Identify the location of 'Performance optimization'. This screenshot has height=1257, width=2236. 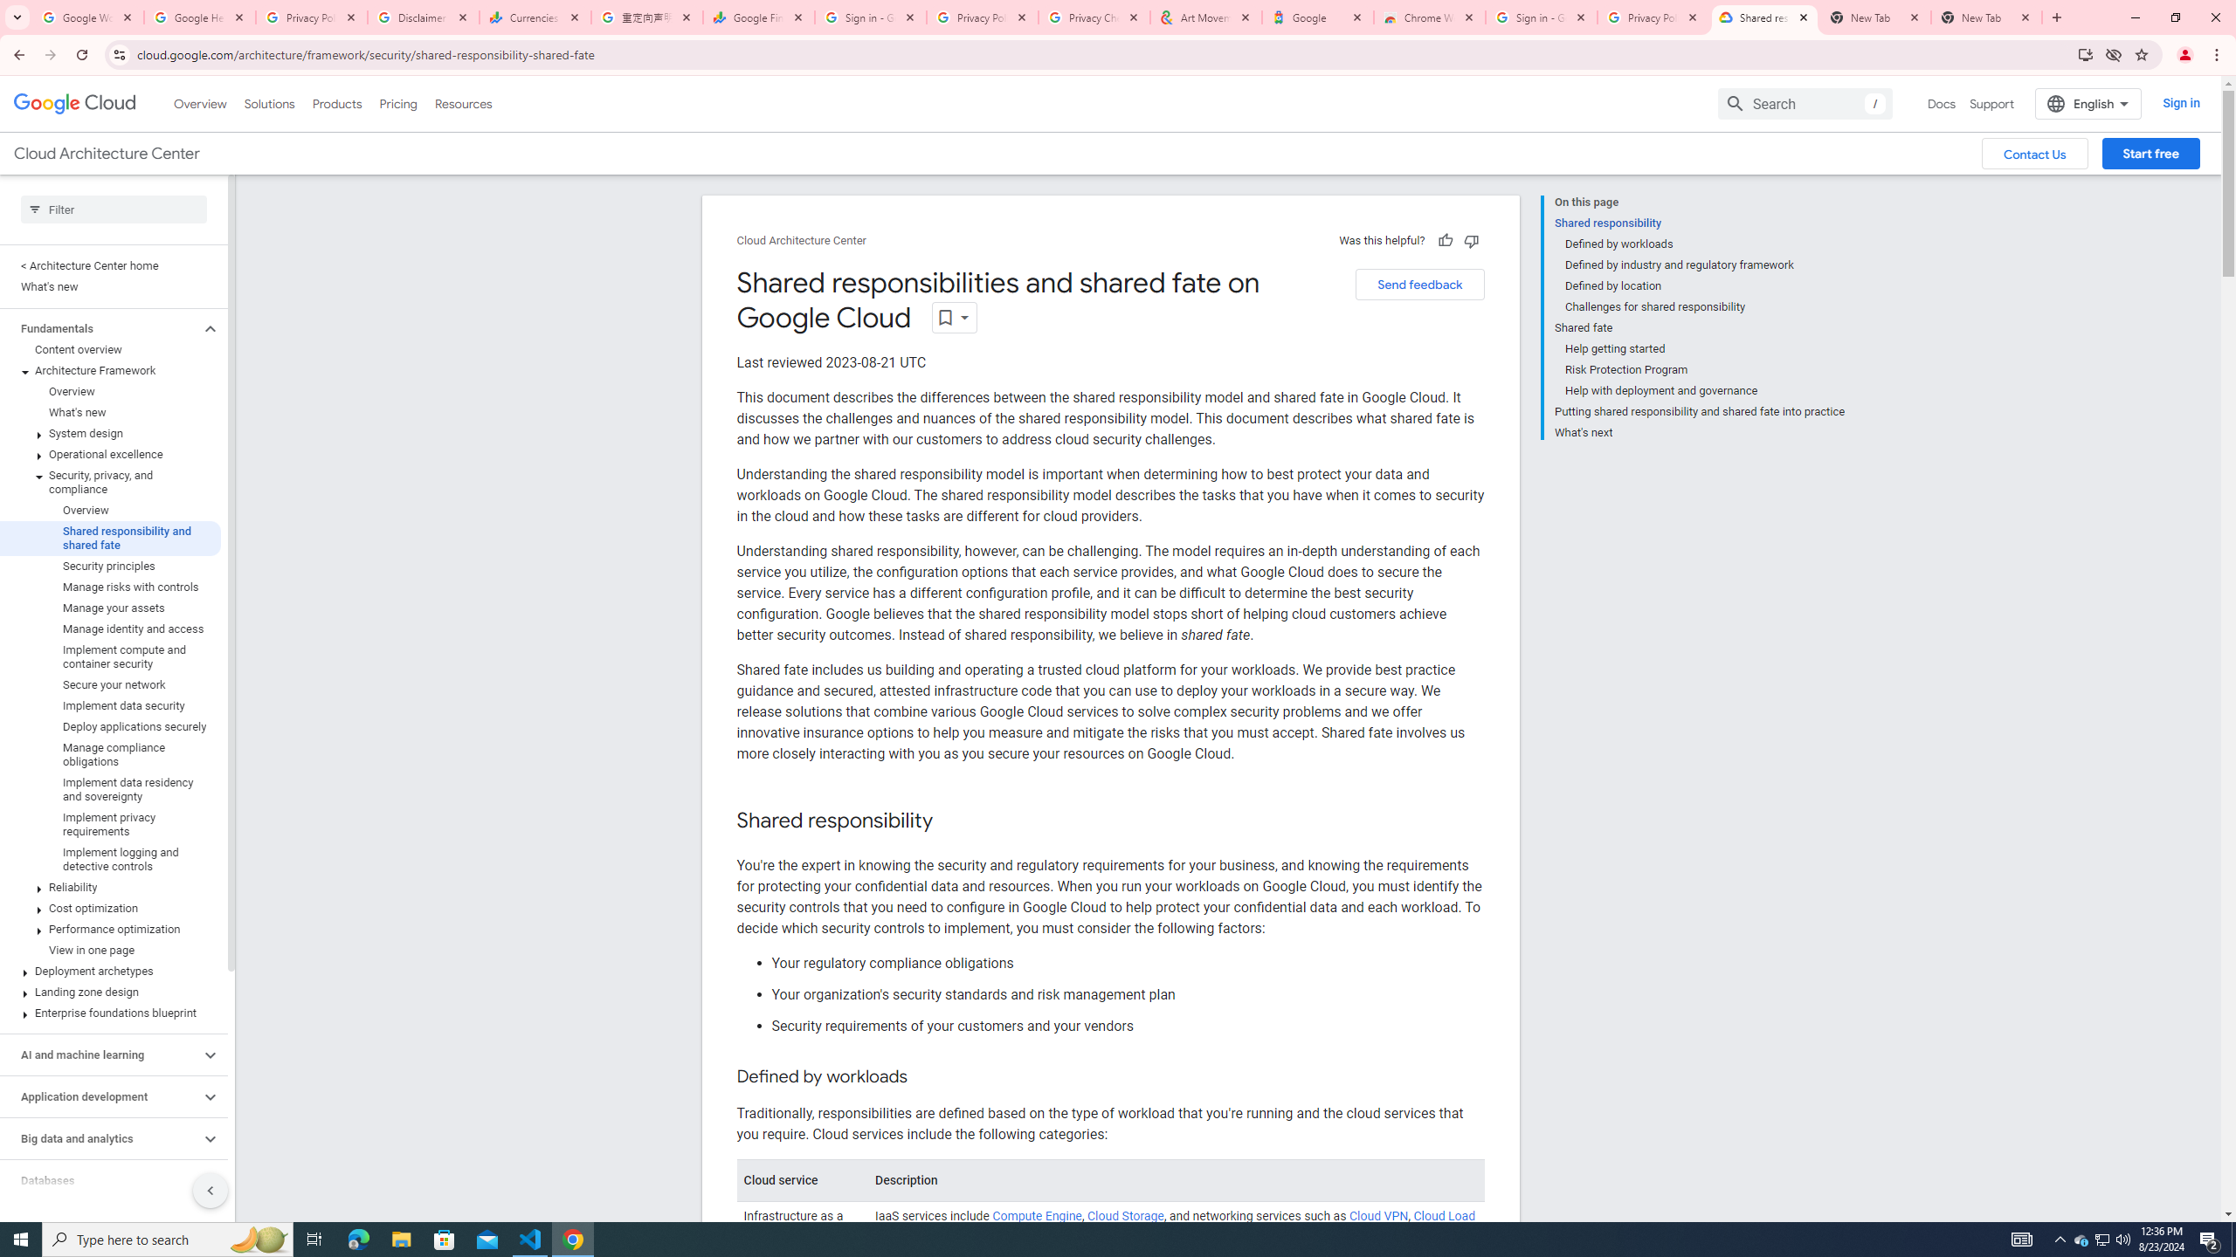
(110, 929).